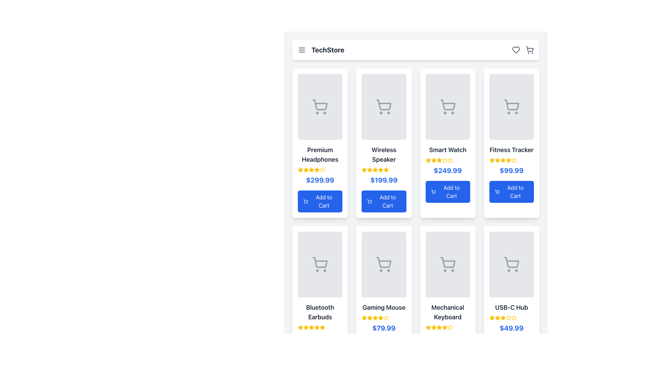 This screenshot has height=370, width=658. Describe the element at coordinates (439, 327) in the screenshot. I see `the fourth star icon` at that location.